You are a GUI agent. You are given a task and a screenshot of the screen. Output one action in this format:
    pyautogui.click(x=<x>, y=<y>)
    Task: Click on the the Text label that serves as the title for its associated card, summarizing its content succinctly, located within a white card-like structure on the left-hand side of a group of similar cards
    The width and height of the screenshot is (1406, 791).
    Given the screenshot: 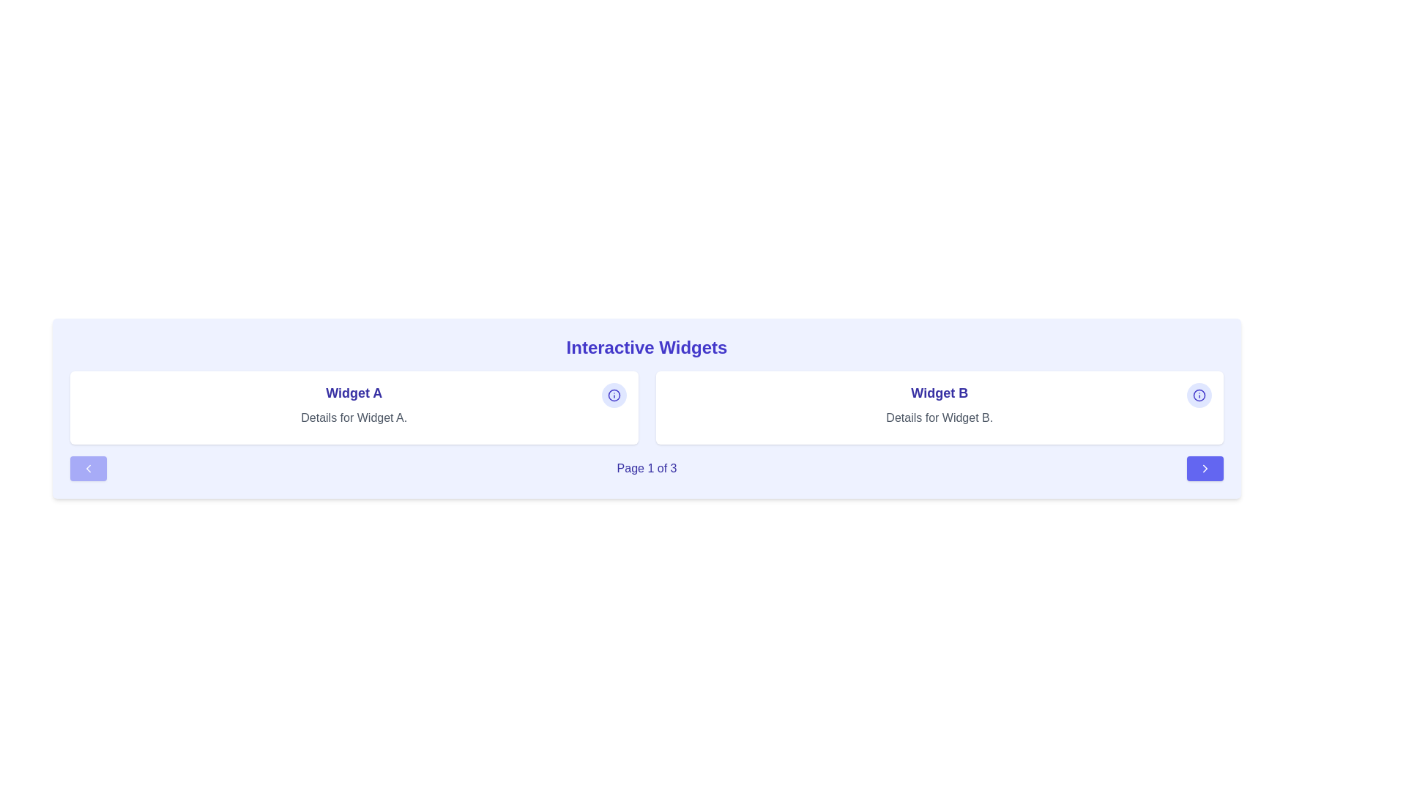 What is the action you would take?
    pyautogui.click(x=354, y=392)
    